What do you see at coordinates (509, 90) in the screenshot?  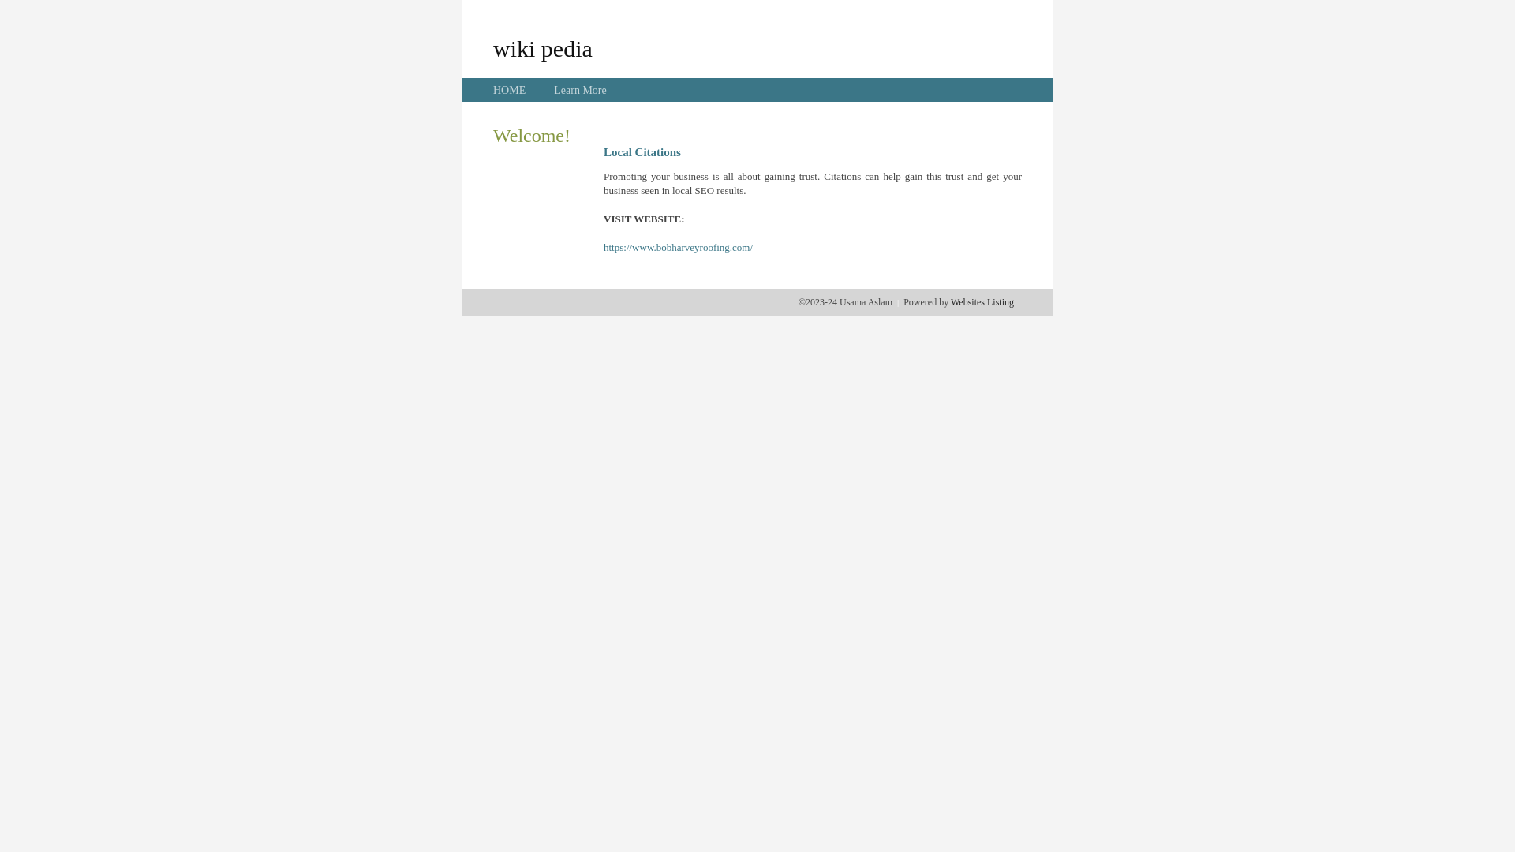 I see `'HOME'` at bounding box center [509, 90].